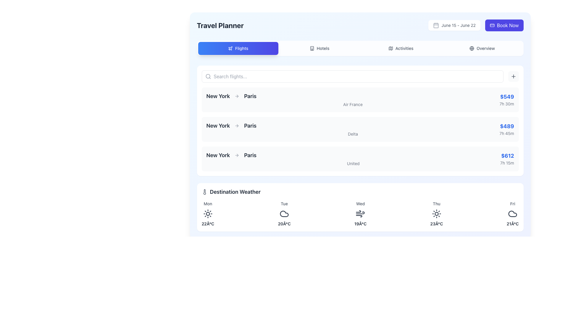 This screenshot has width=568, height=319. I want to click on the small rounded-rectangle box located within the calendar icon in the top-right area of the interface, near the 'Book Now' button, so click(436, 25).